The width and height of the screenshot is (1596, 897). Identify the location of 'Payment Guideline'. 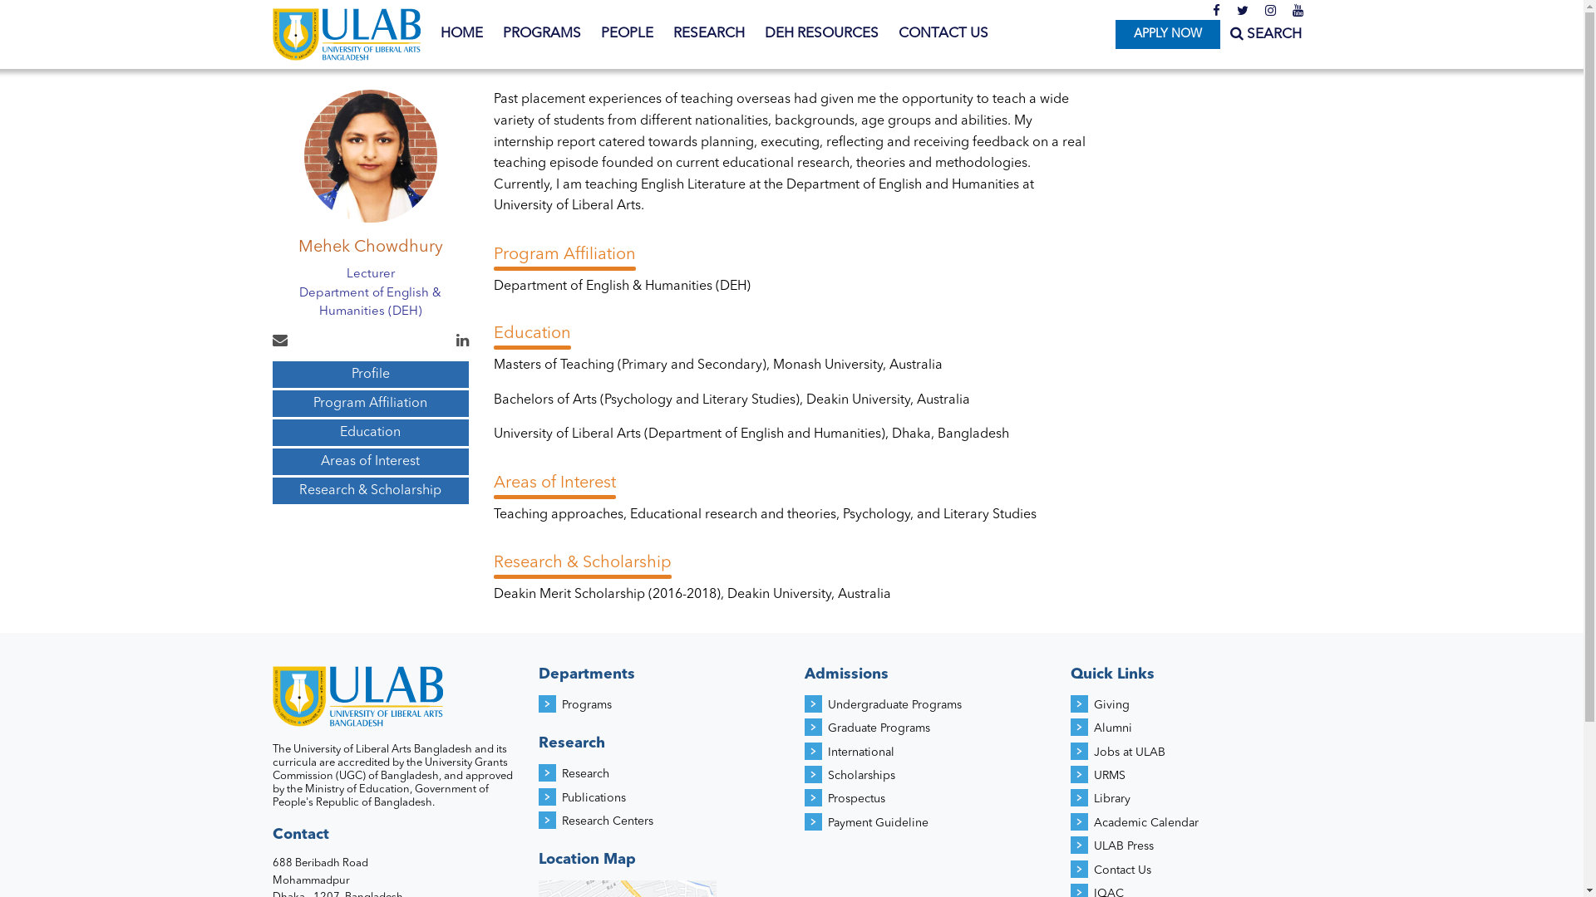
(877, 823).